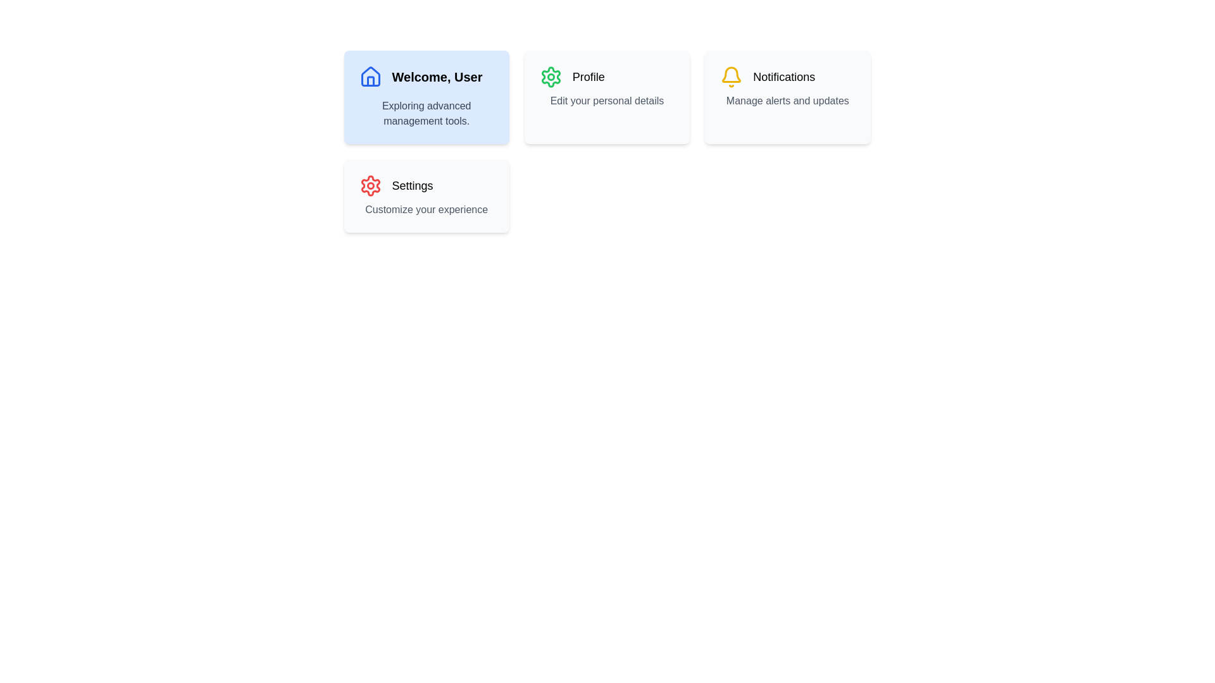 The height and width of the screenshot is (683, 1215). Describe the element at coordinates (606, 100) in the screenshot. I see `the supplementary information text located beneath the heading 'Profile' in the profile section panel` at that location.